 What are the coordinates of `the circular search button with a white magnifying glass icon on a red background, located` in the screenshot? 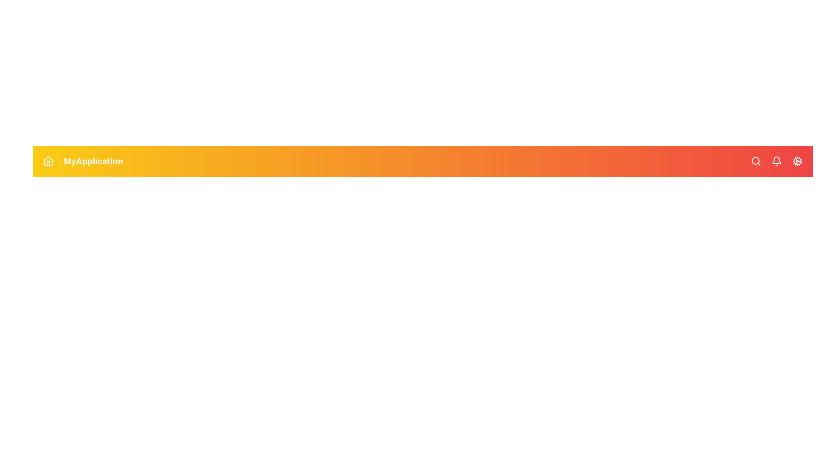 It's located at (755, 161).